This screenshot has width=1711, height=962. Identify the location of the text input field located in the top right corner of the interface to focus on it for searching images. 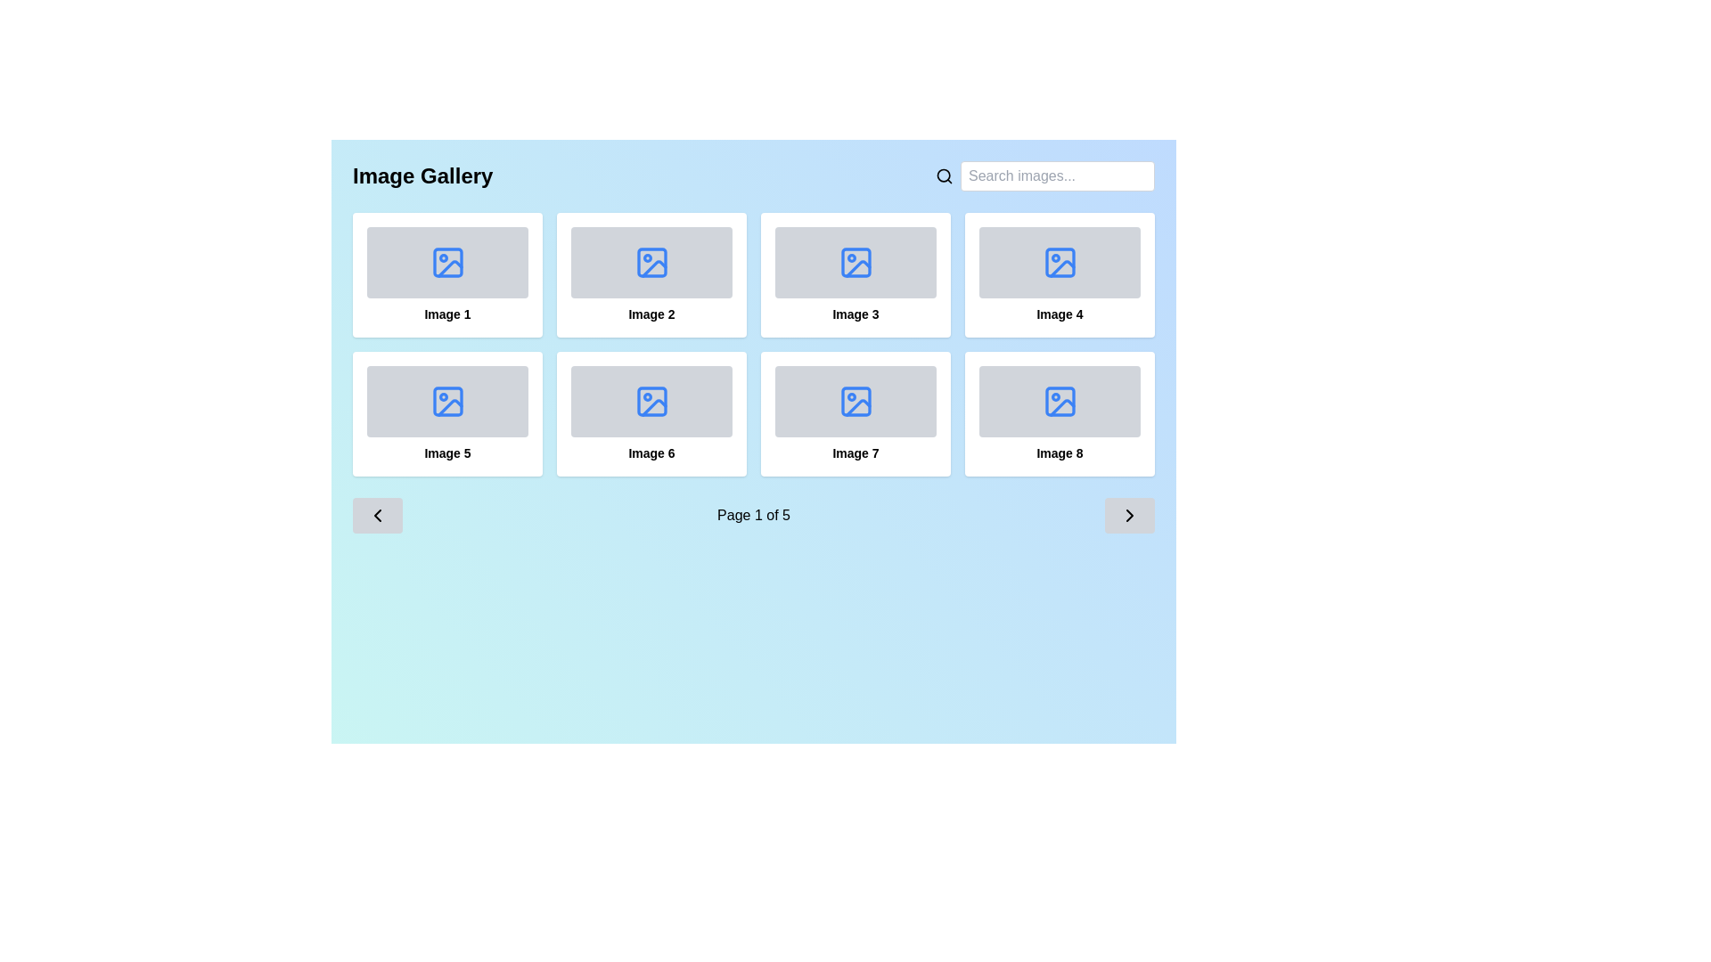
(1057, 175).